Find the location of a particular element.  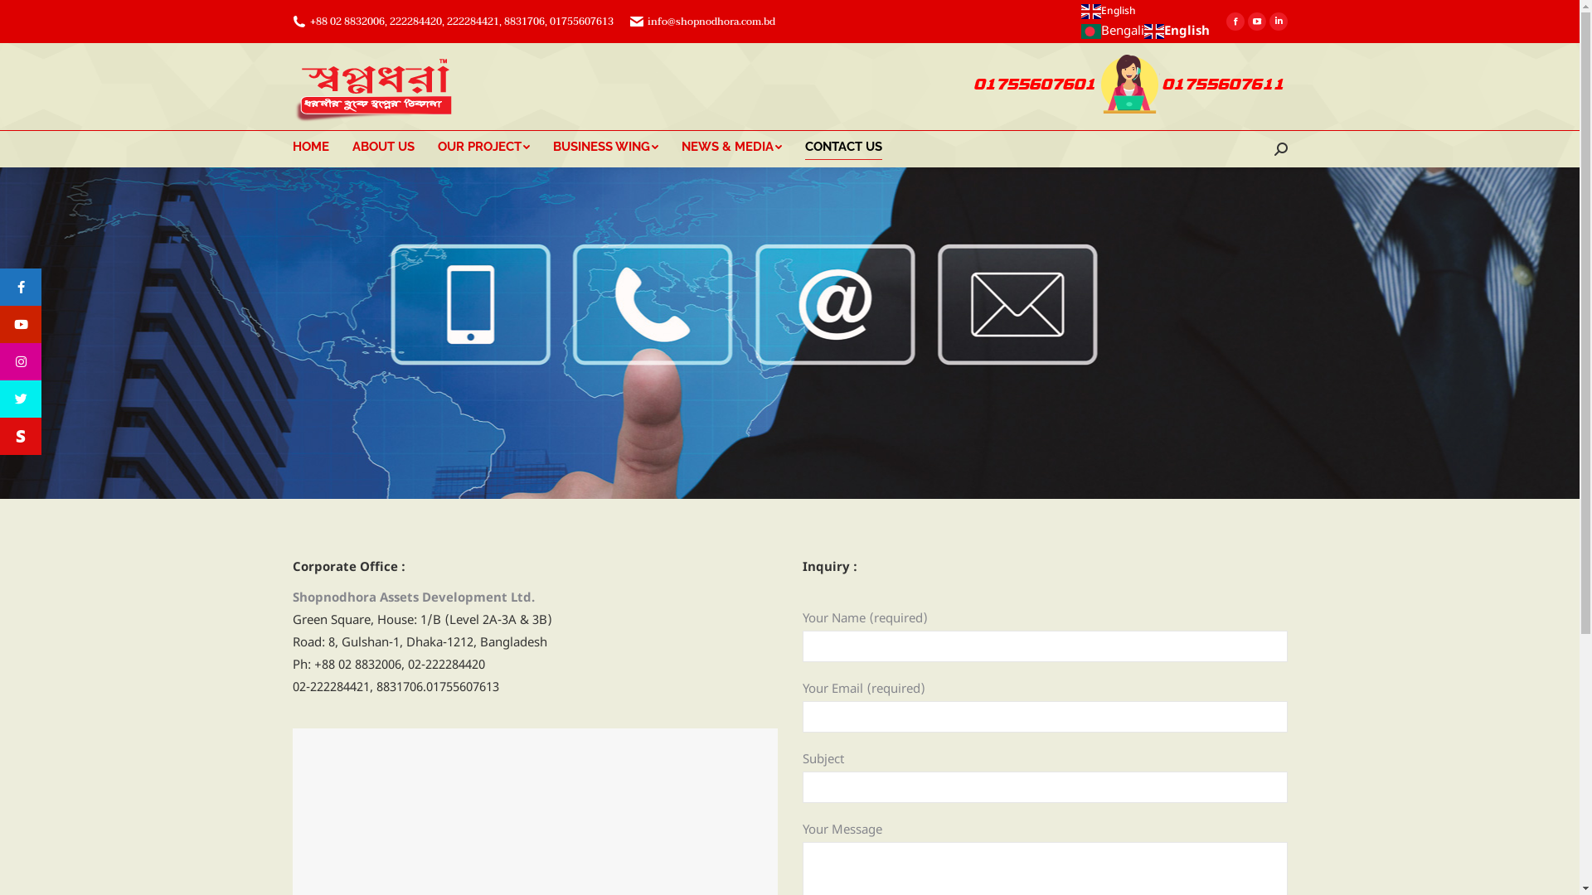

'English' is located at coordinates (1143, 31).